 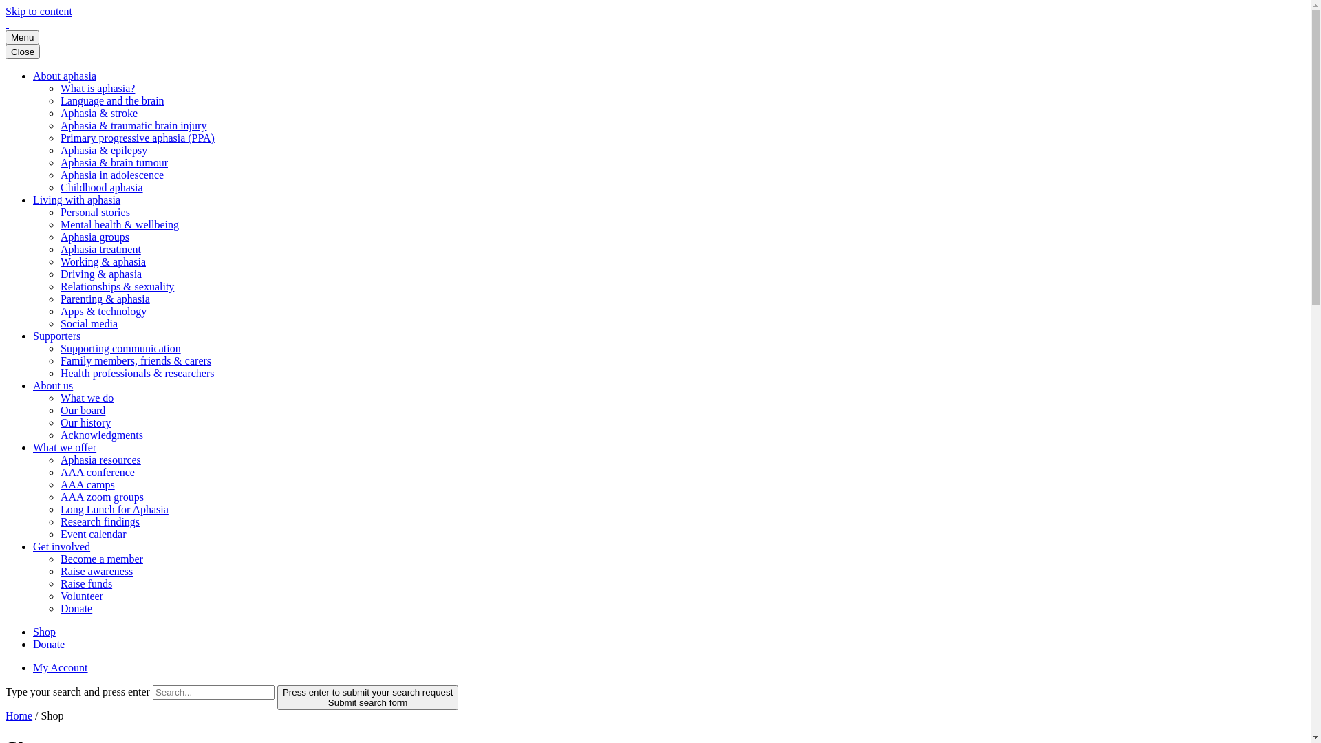 What do you see at coordinates (112, 174) in the screenshot?
I see `'Aphasia in adolescence'` at bounding box center [112, 174].